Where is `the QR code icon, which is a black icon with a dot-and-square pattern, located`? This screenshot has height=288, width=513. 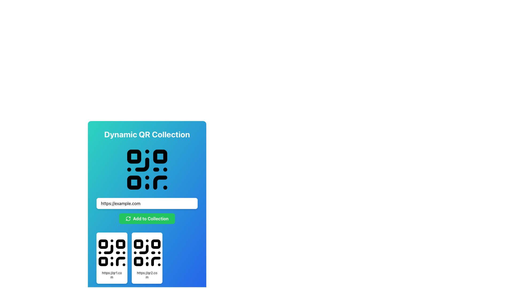
the QR code icon, which is a black icon with a dot-and-square pattern, located is located at coordinates (147, 253).